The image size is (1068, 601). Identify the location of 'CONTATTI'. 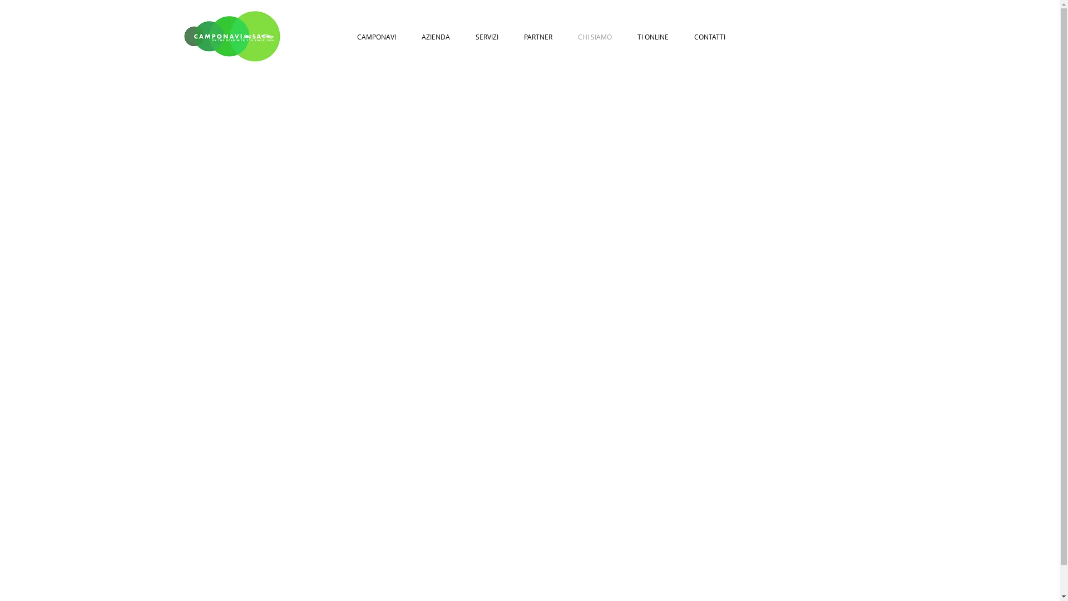
(681, 36).